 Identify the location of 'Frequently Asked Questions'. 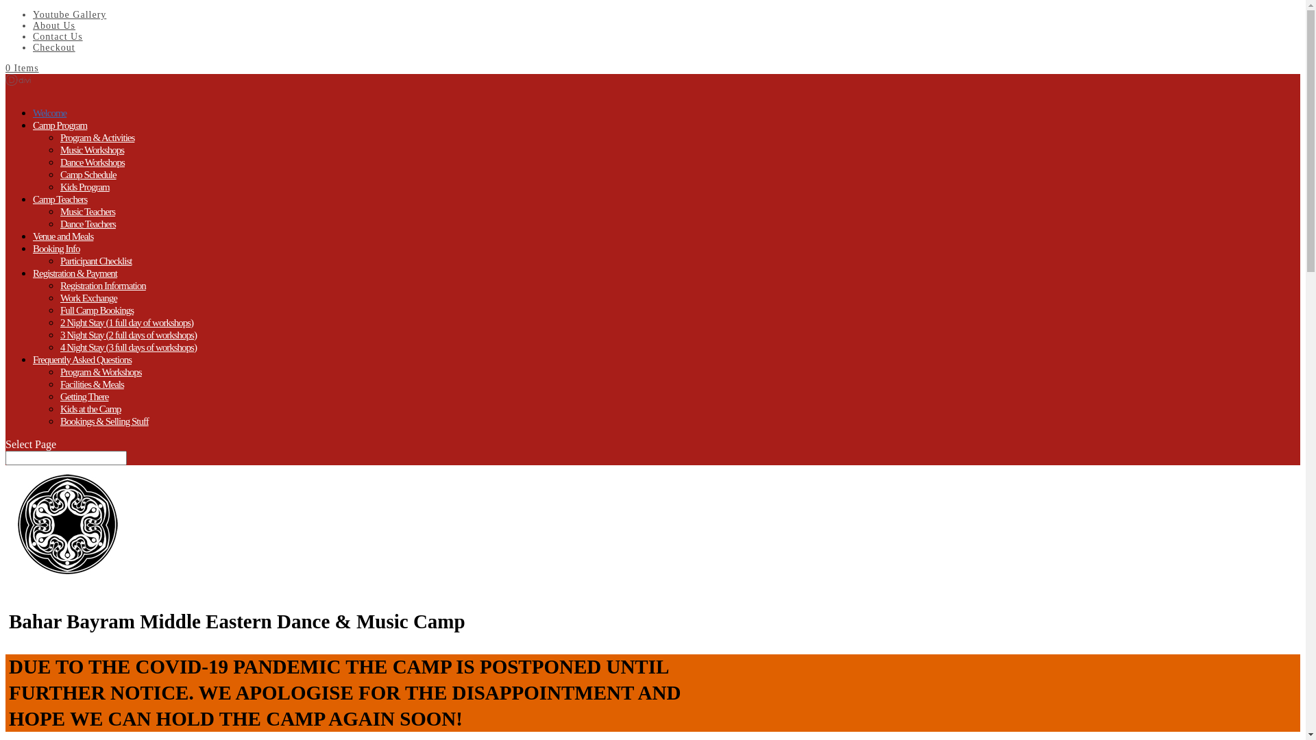
(33, 370).